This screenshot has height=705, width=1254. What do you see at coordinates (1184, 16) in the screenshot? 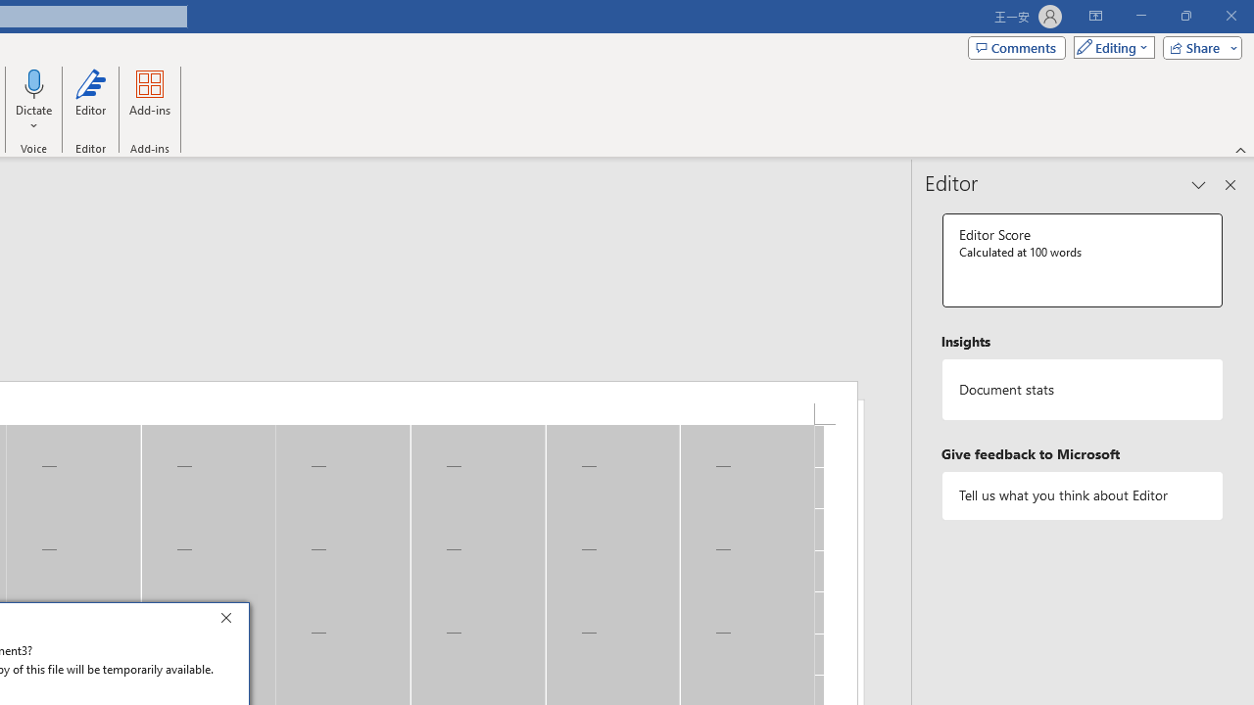
I see `'Restore Down'` at bounding box center [1184, 16].